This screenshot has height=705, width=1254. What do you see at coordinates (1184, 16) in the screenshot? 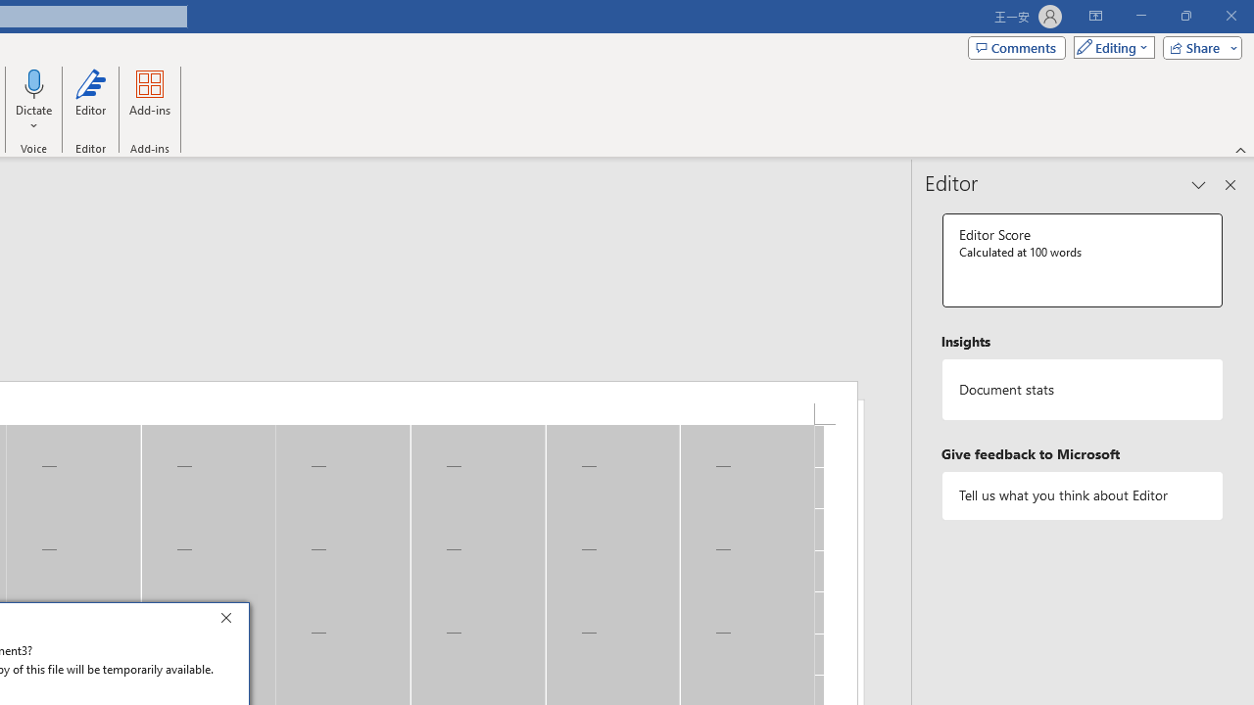
I see `'Restore Down'` at bounding box center [1184, 16].